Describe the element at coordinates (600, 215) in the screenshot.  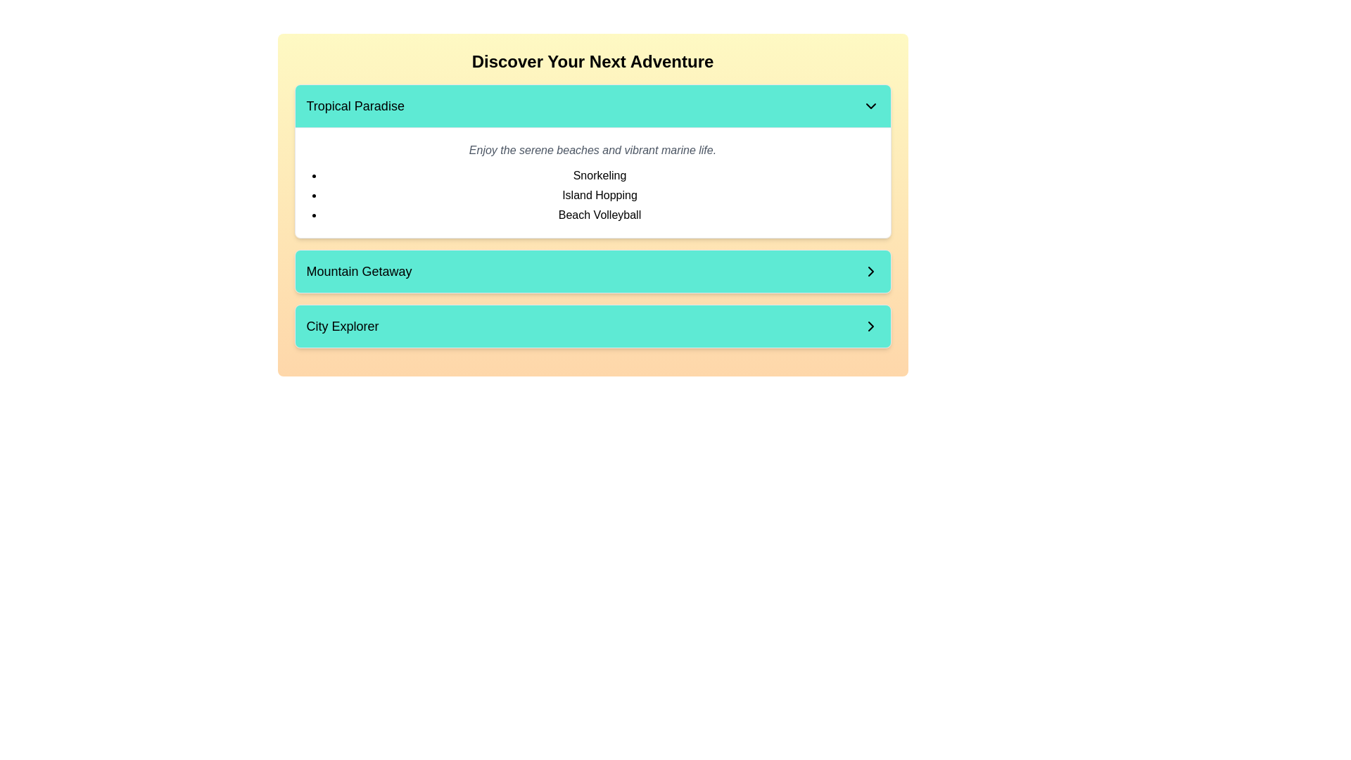
I see `the 'Beach Volleyball' text label, which is the third item in the dropdown list under 'Tropical Paradise', located between 'Island Hopping' and the list's border` at that location.